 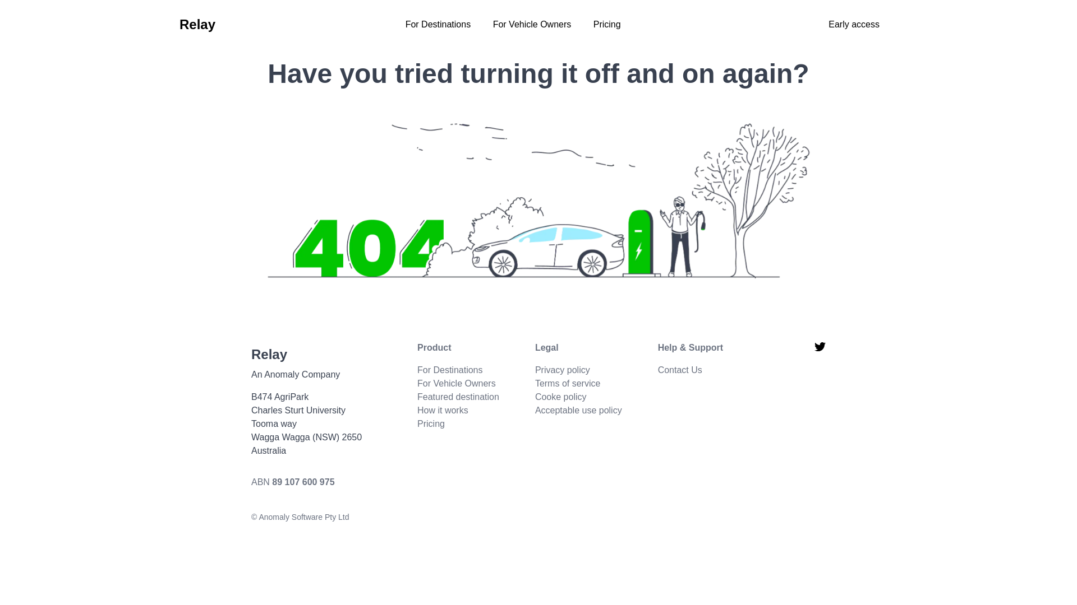 I want to click on 'Acceptable use policy', so click(x=578, y=410).